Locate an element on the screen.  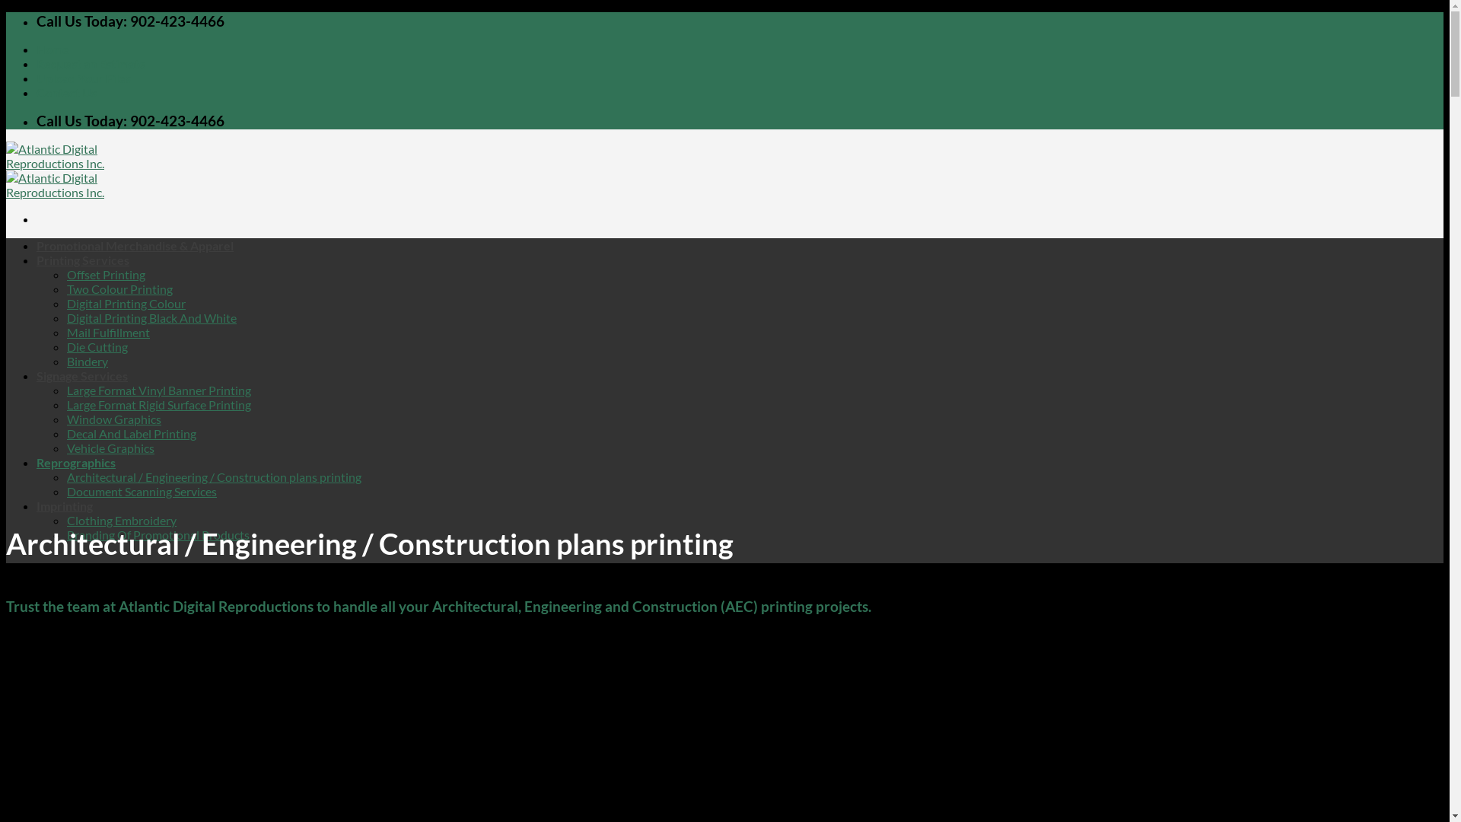
'Digital Printing Colour' is located at coordinates (126, 303).